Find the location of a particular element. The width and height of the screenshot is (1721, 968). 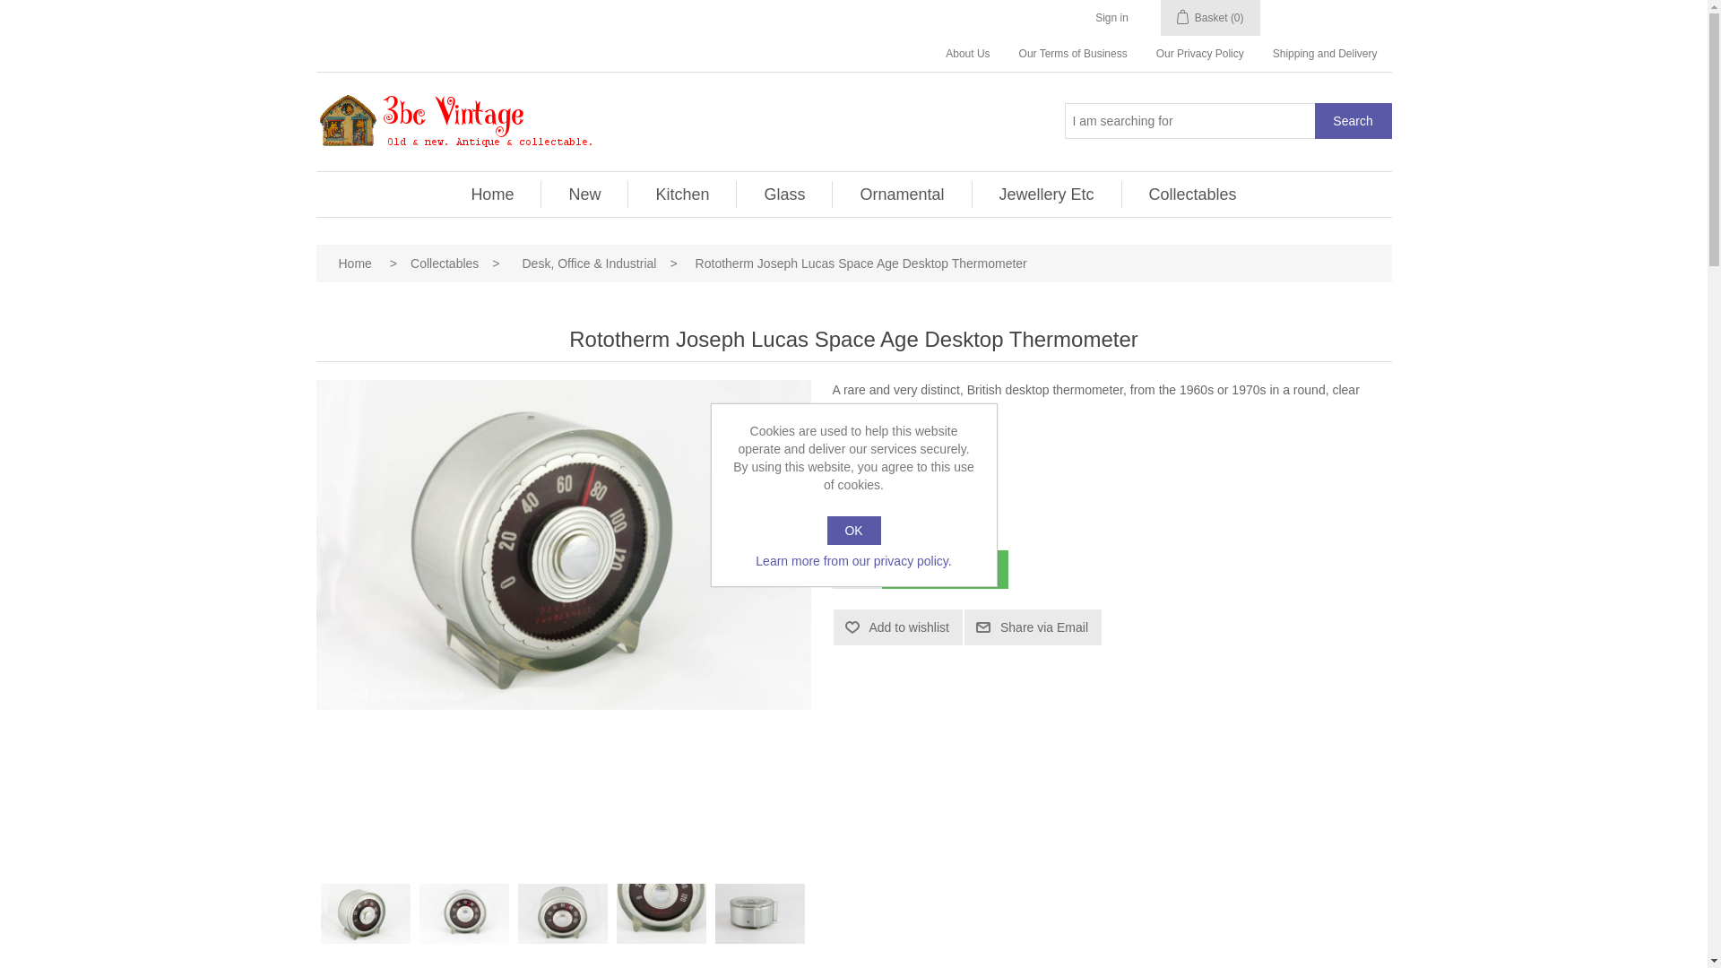

'Ornamental' is located at coordinates (902, 194).